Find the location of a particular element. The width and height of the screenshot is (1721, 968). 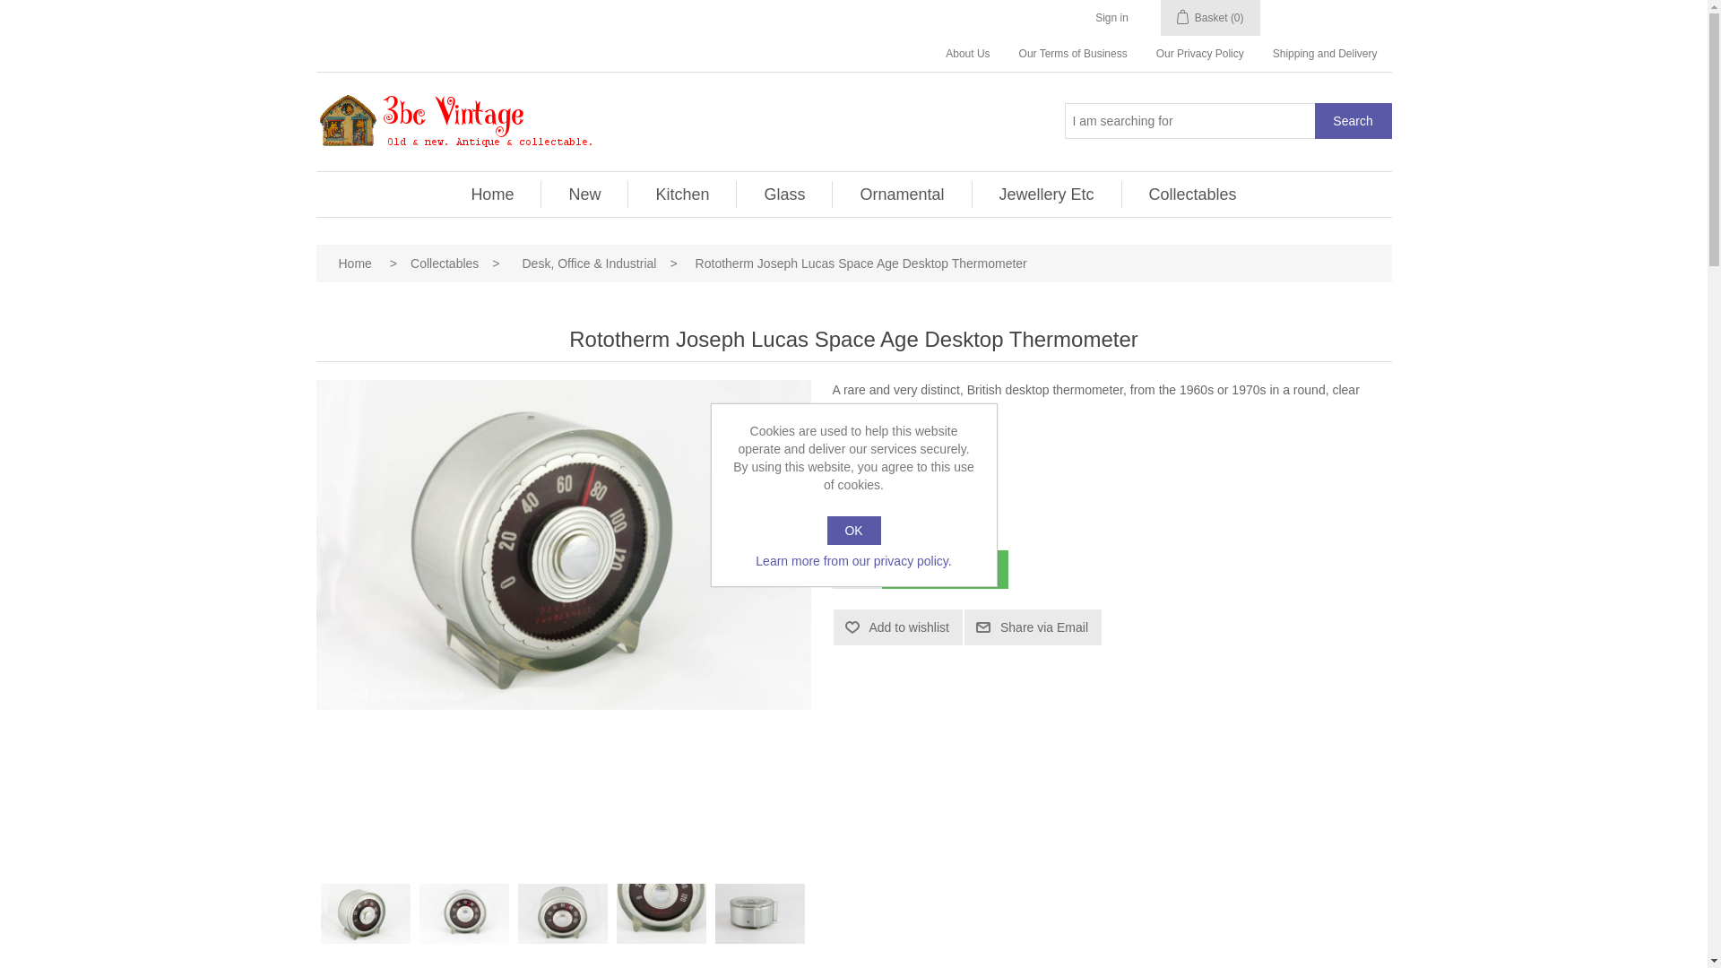

'Ornamental' is located at coordinates (902, 194).